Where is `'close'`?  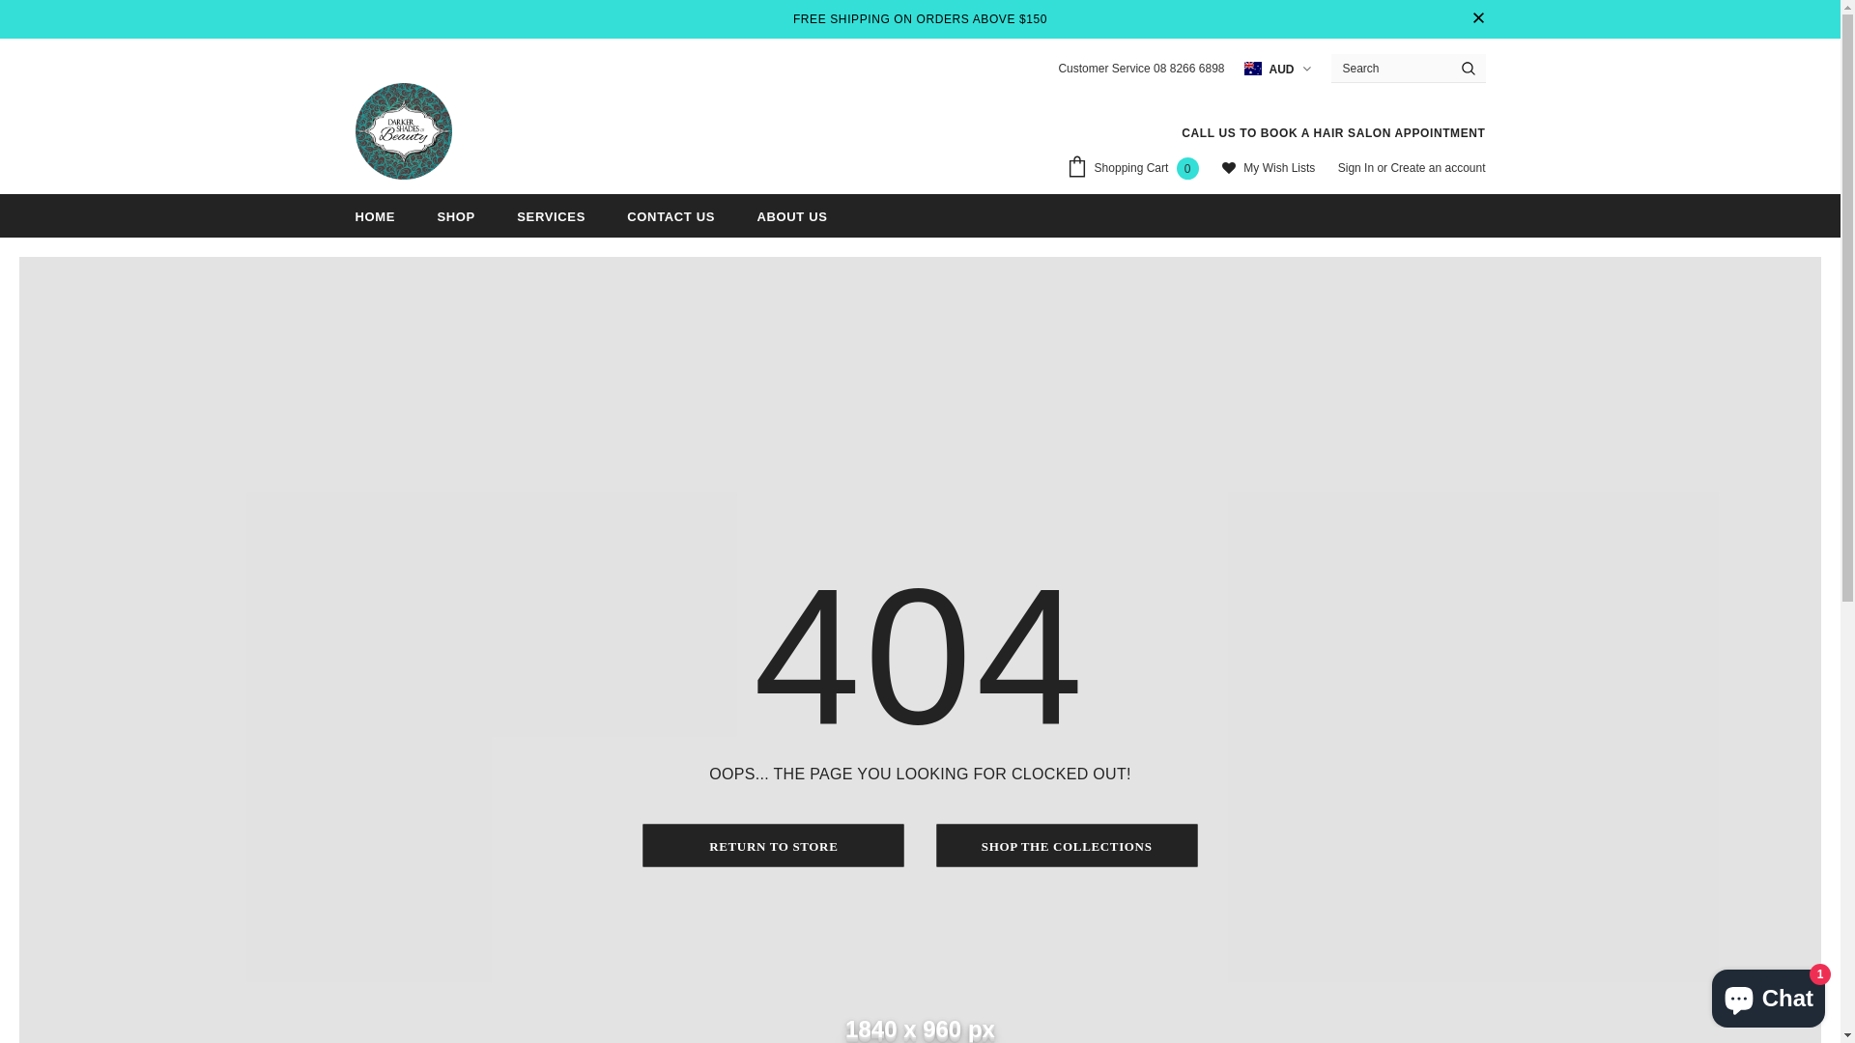 'close' is located at coordinates (1469, 18).